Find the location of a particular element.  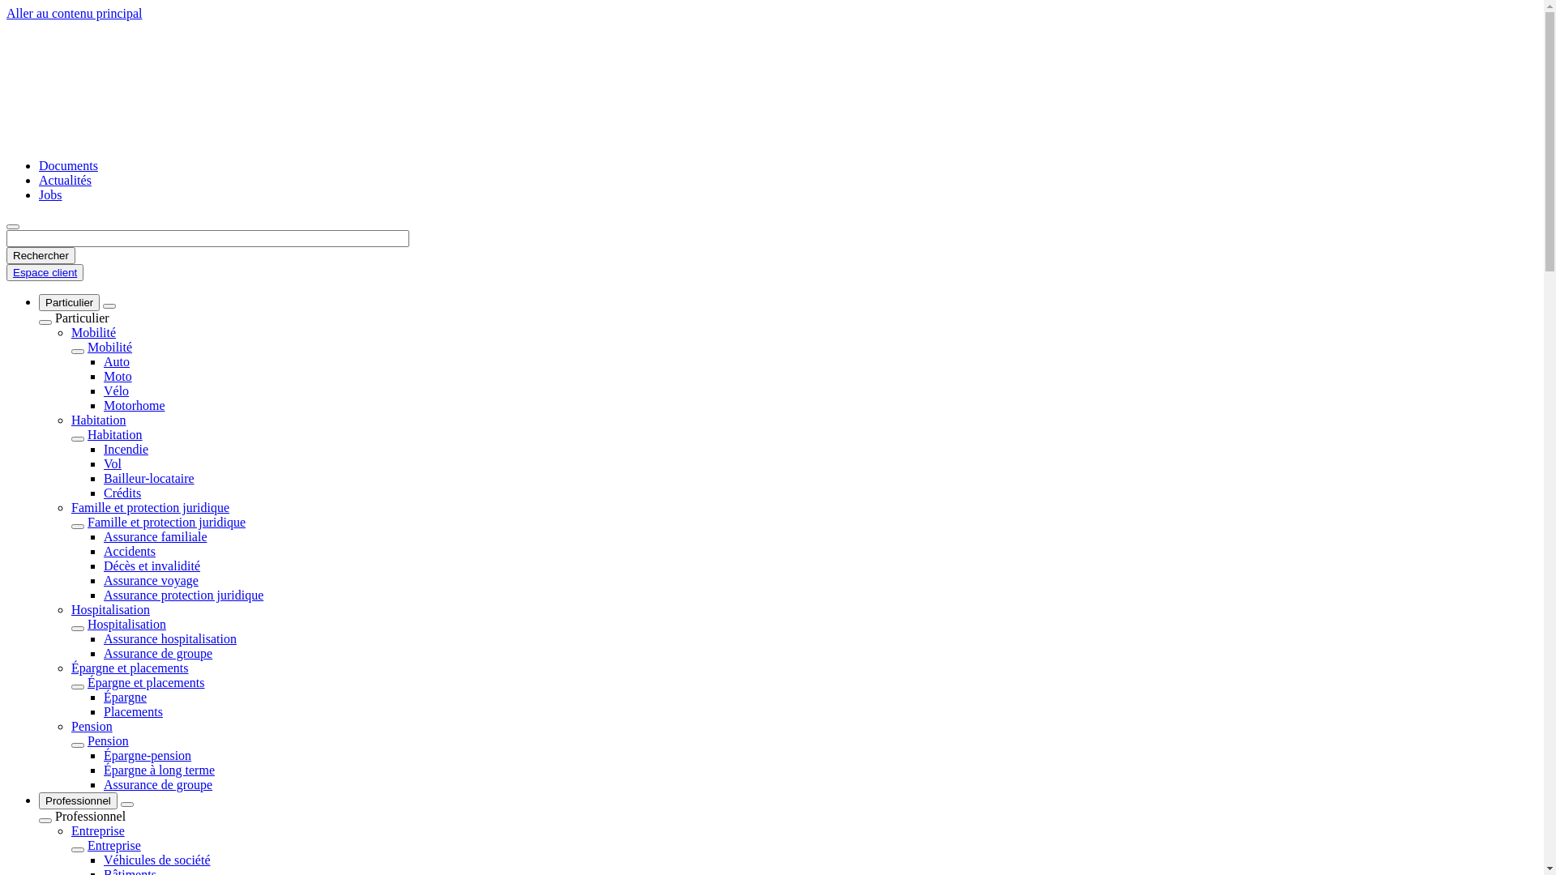

'Assurance familiale' is located at coordinates (156, 536).